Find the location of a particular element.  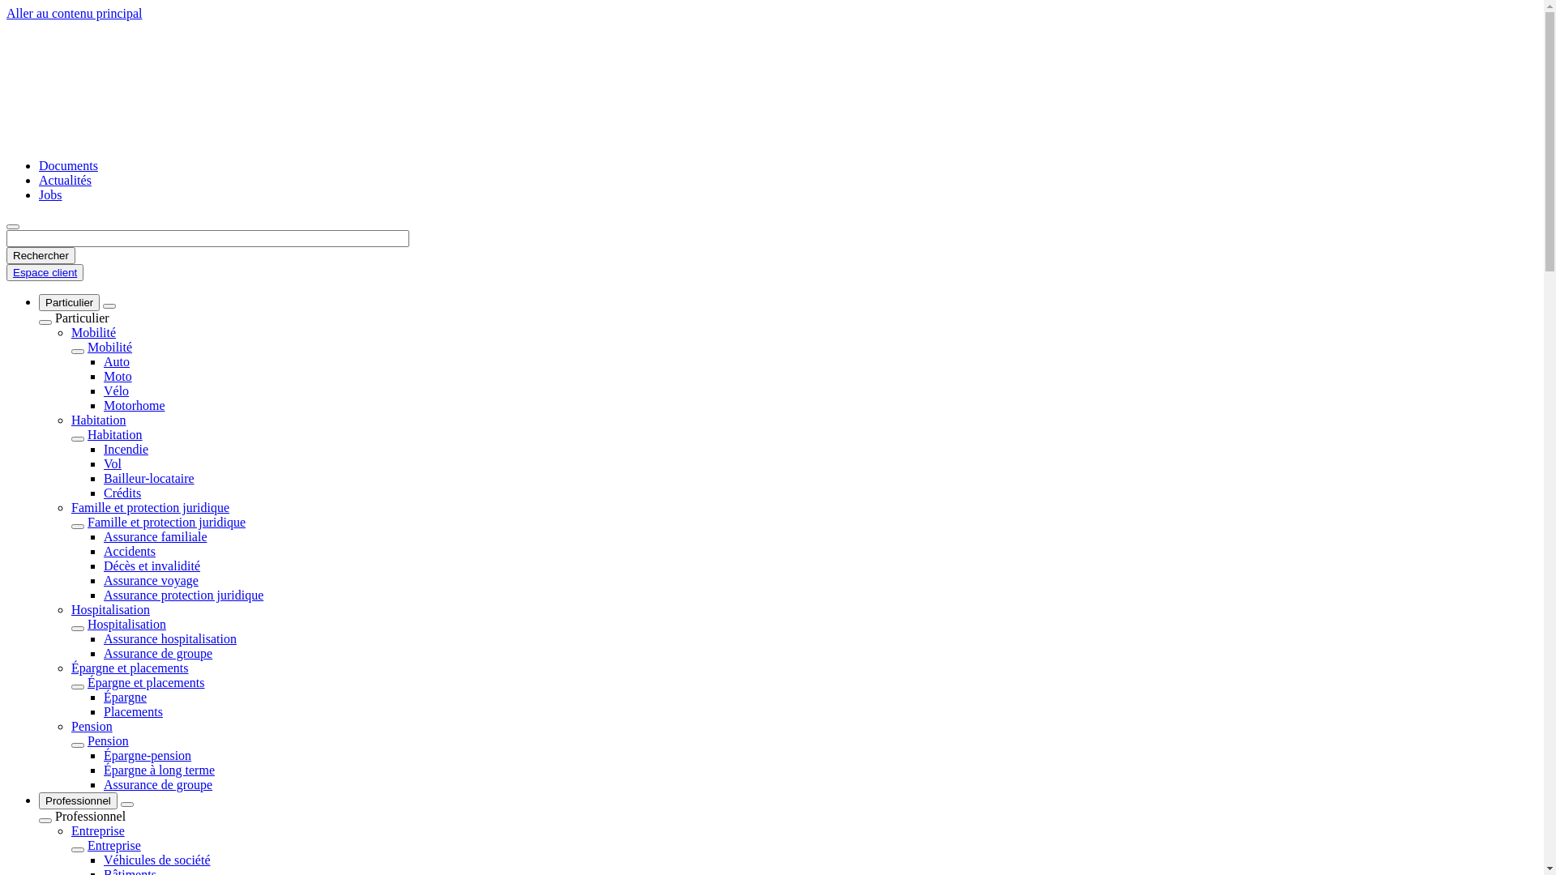

'Assurance familiale' is located at coordinates (156, 536).